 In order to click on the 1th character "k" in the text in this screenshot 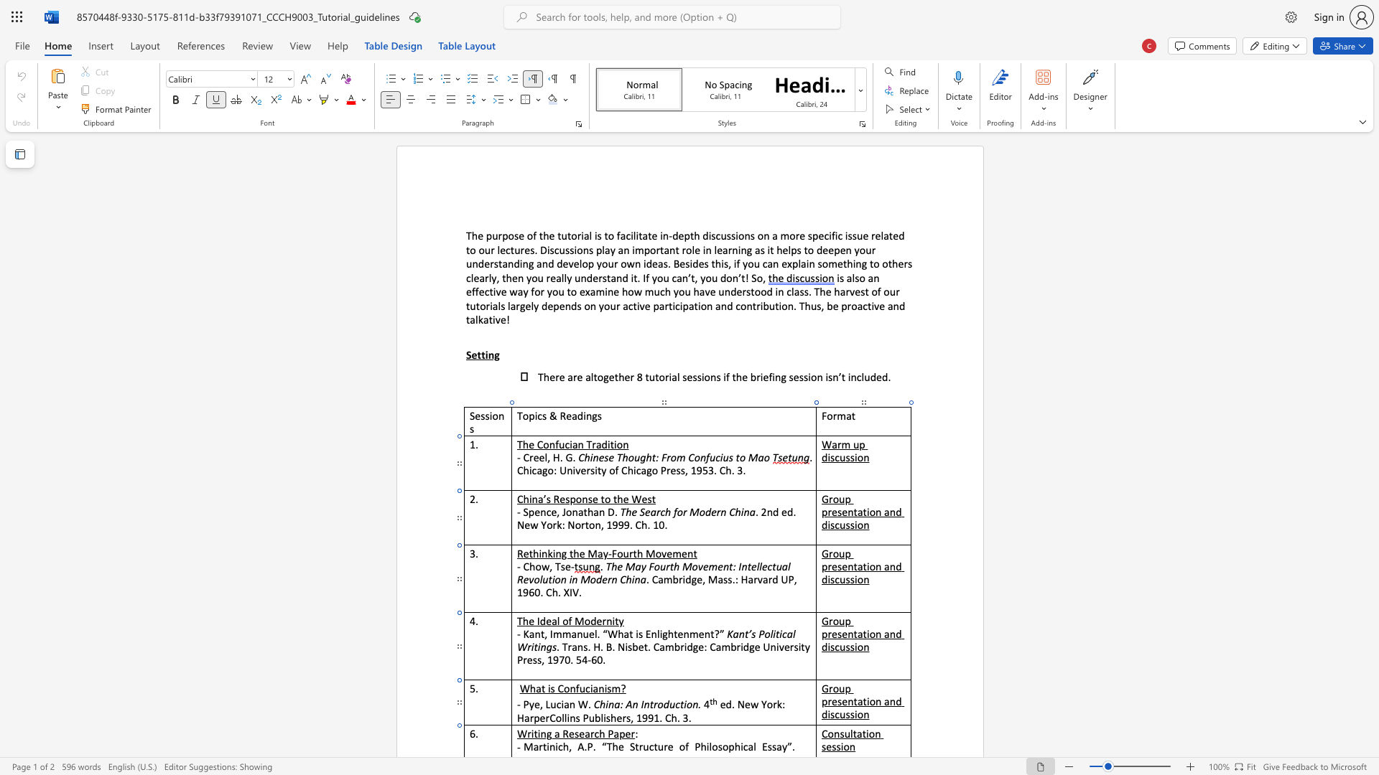, I will do `click(779, 703)`.